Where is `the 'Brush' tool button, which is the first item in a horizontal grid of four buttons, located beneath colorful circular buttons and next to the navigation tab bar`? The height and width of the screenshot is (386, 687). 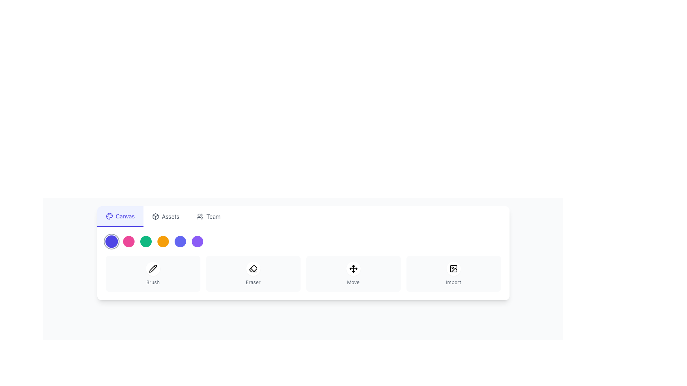 the 'Brush' tool button, which is the first item in a horizontal grid of four buttons, located beneath colorful circular buttons and next to the navigation tab bar is located at coordinates (152, 273).